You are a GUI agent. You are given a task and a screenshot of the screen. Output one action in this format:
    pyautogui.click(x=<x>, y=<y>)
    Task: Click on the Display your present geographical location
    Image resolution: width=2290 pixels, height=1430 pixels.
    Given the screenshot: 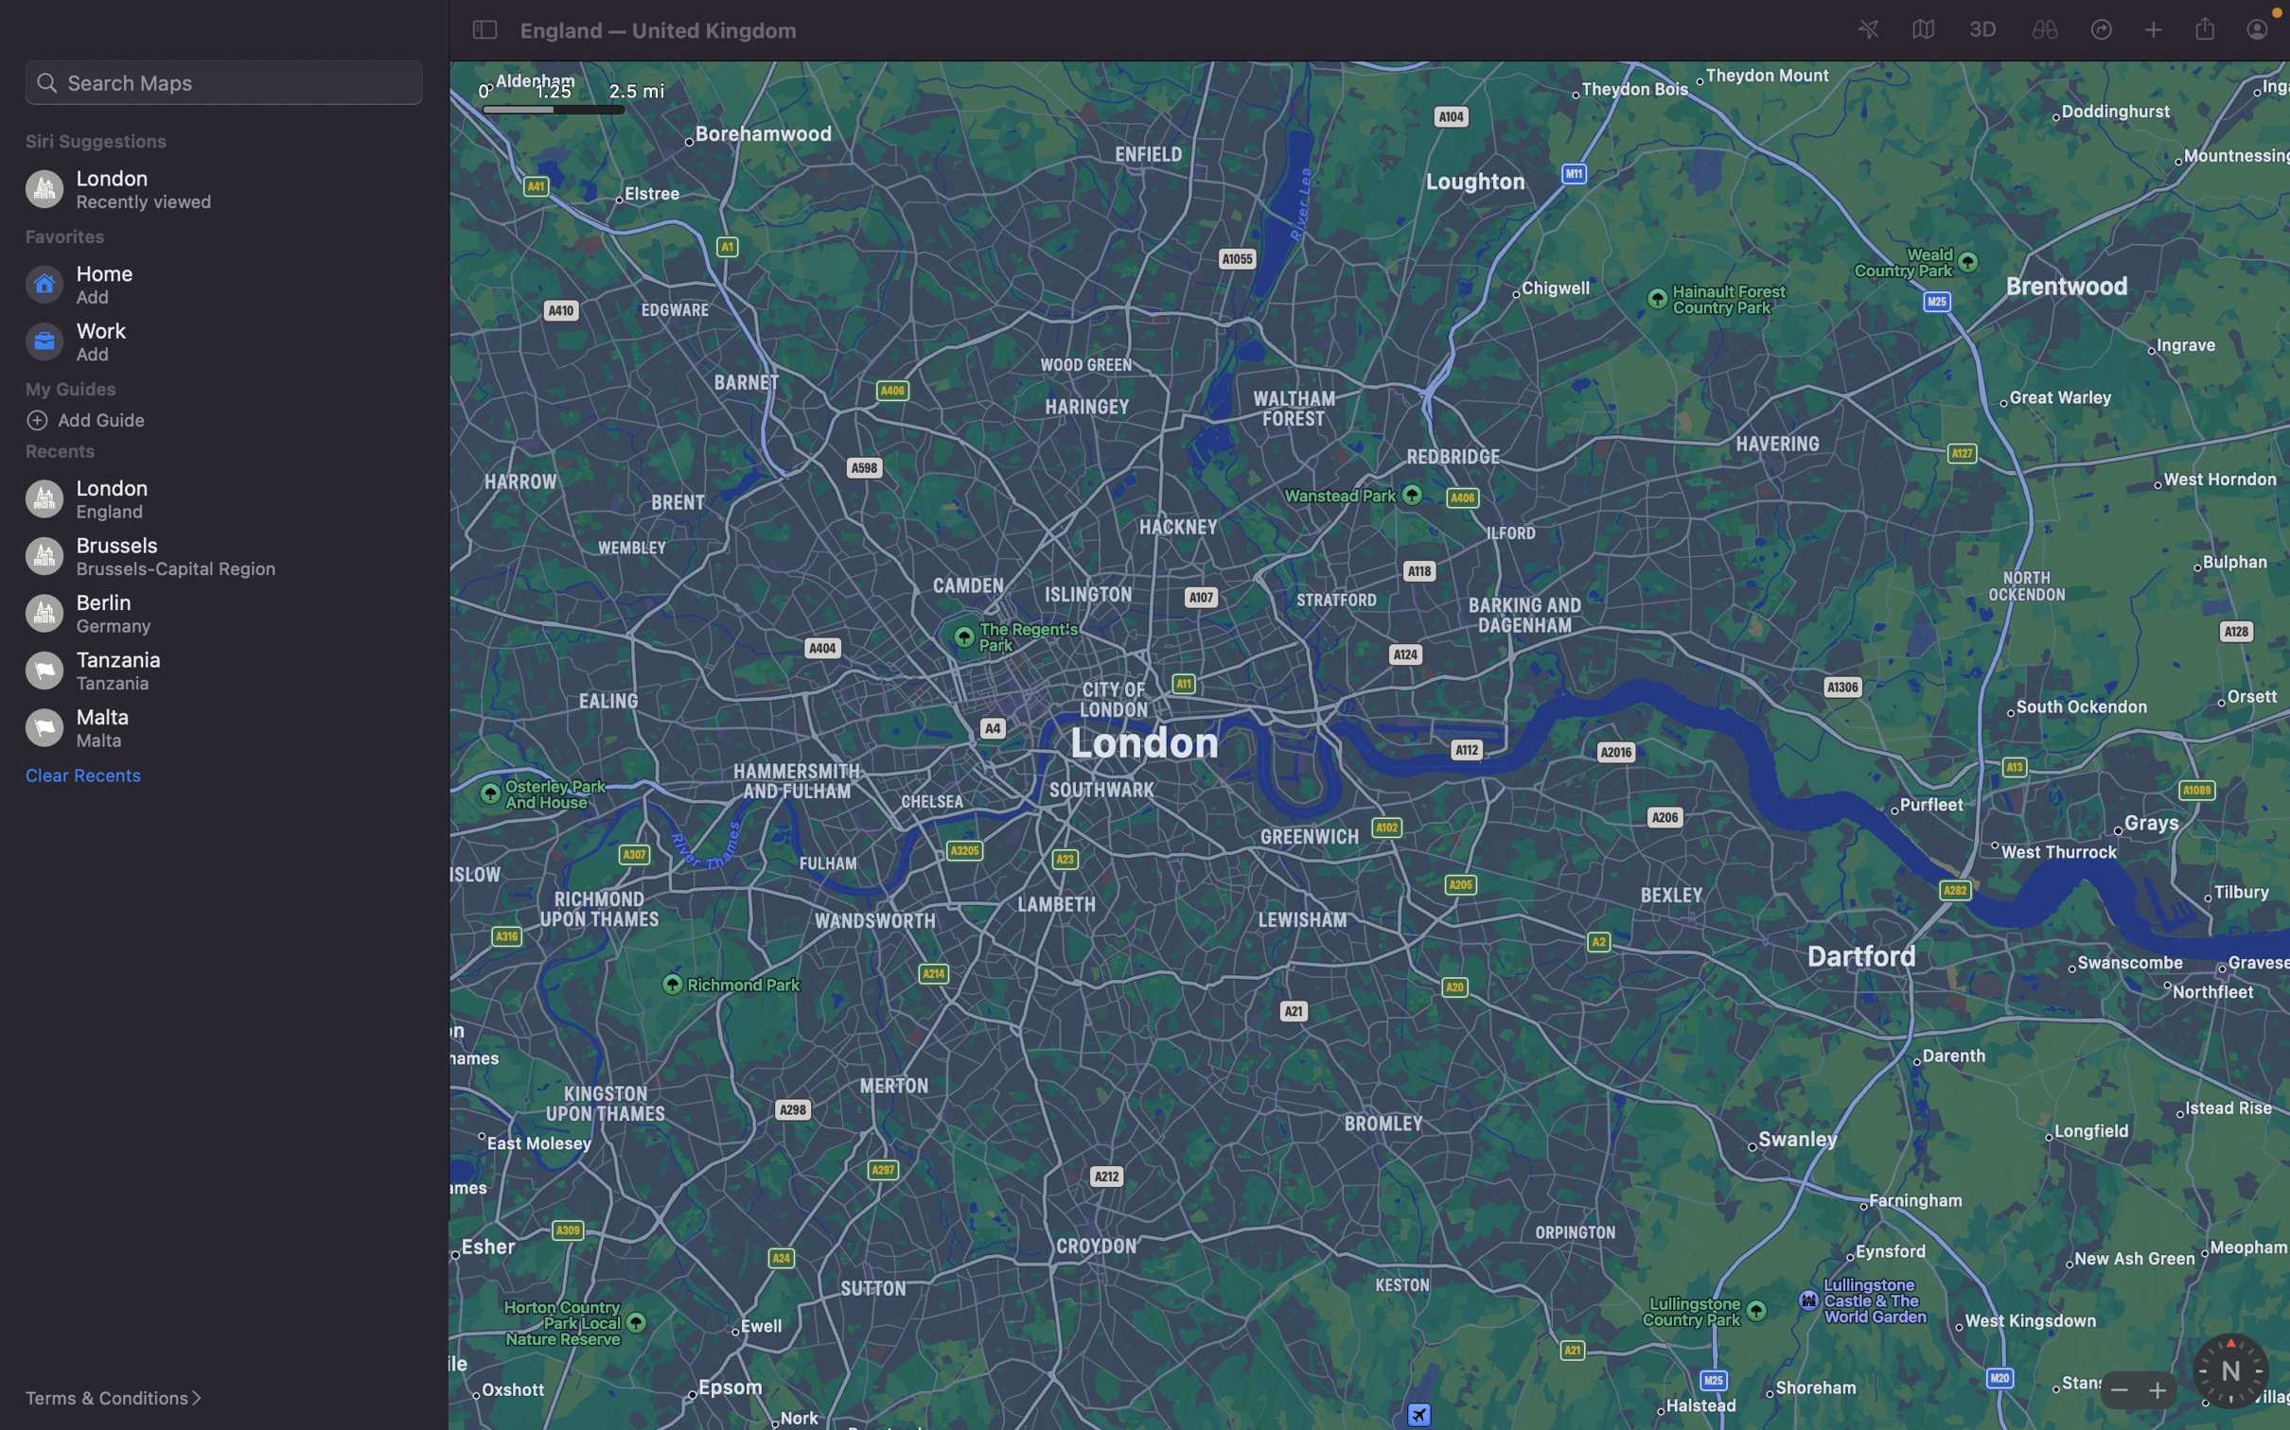 What is the action you would take?
    pyautogui.click(x=1869, y=30)
    